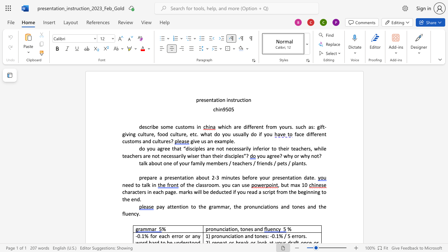 The height and width of the screenshot is (252, 448). I want to click on the space between the continuous character "e" and "s" in the text, so click(168, 141).